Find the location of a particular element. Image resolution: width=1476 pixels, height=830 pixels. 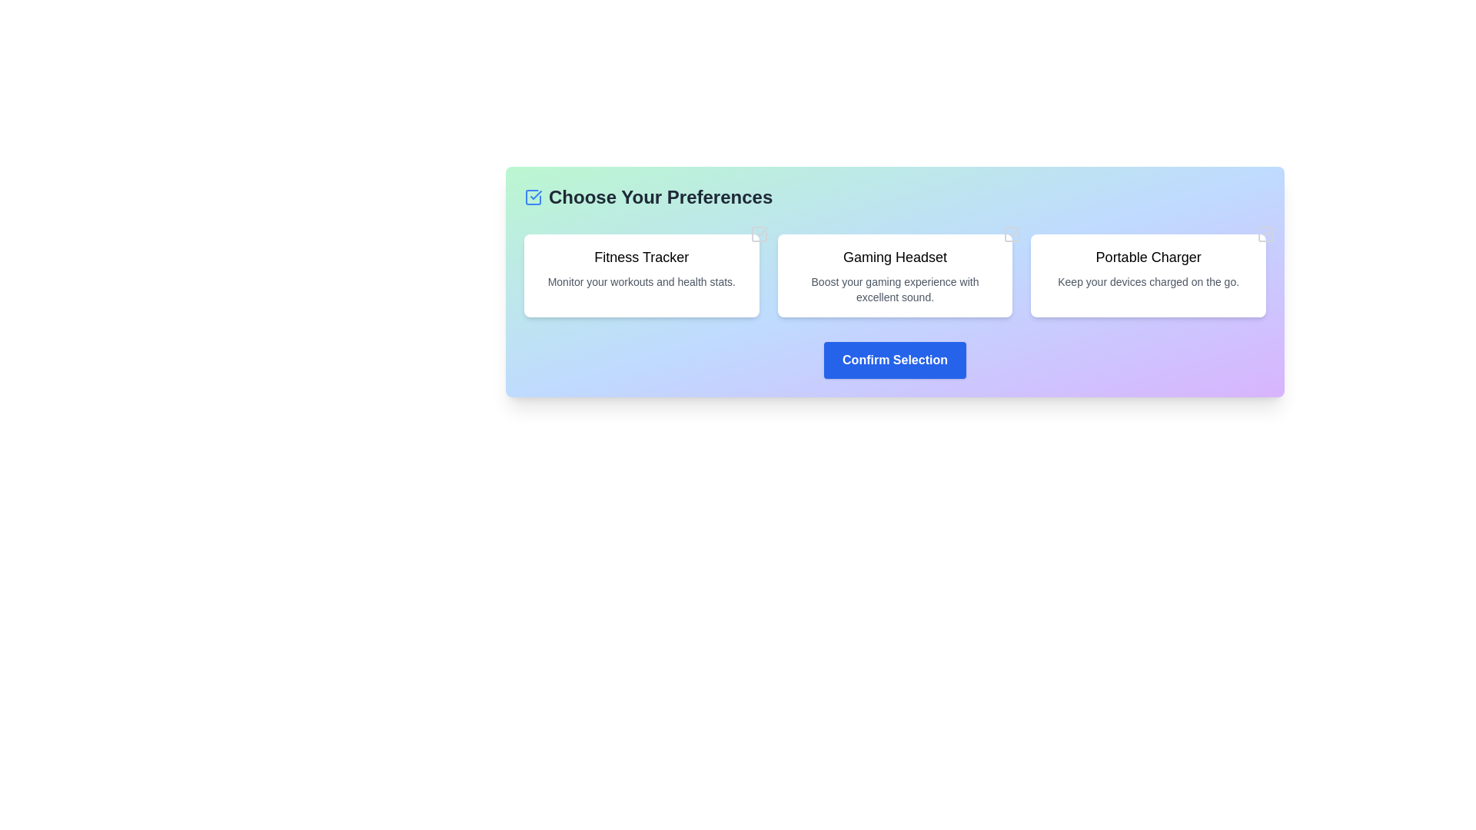

the text element providing additional description for the 'Fitness Tracker' option, located directly below the headline text 'Fitness Tracker' is located at coordinates (641, 281).